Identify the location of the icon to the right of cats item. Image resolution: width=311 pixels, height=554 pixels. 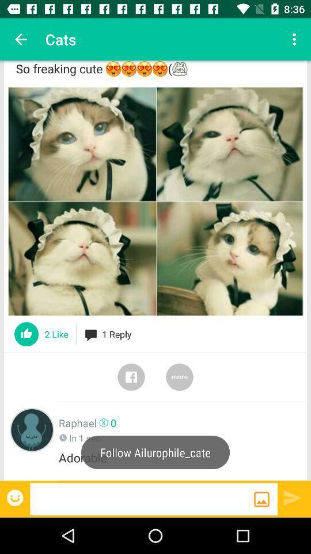
(295, 39).